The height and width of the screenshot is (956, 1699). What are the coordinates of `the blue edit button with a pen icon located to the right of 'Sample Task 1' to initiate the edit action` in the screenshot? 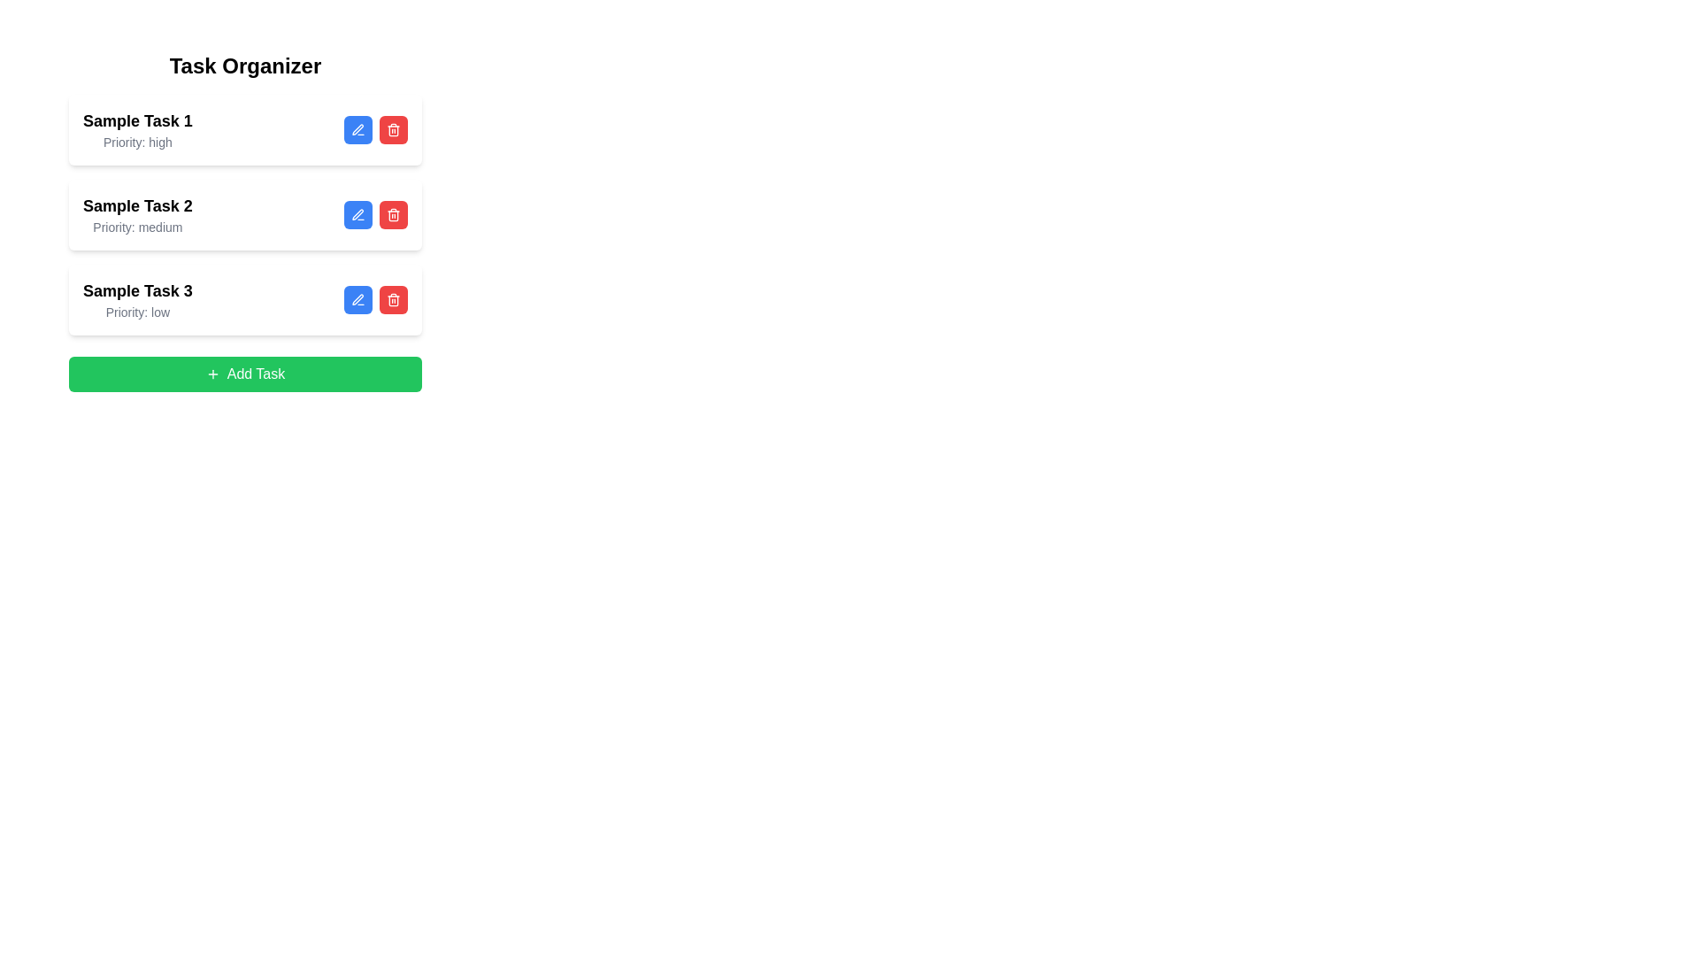 It's located at (357, 128).